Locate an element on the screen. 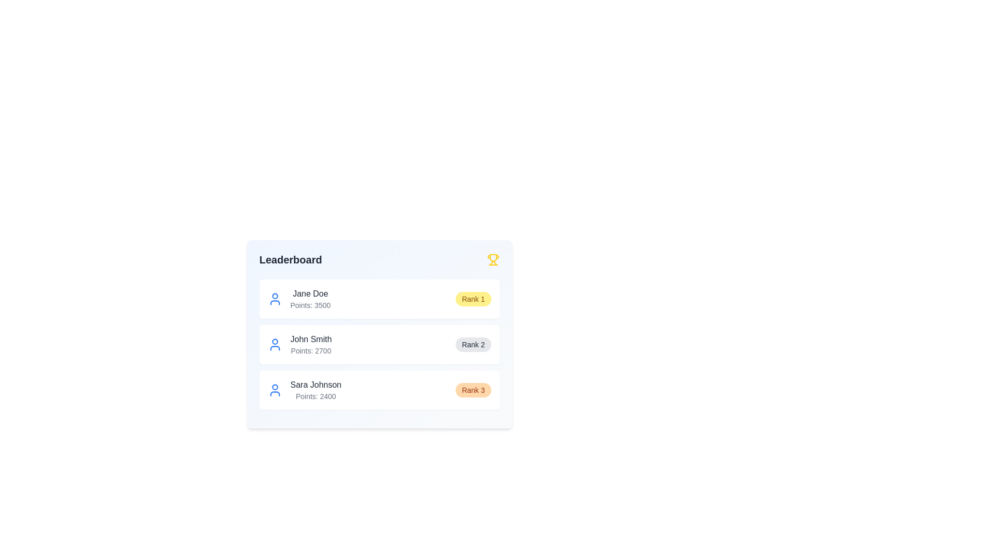 The width and height of the screenshot is (993, 559). the static text label that indicates the name of the user ranked first on the leaderboard is located at coordinates (310, 293).